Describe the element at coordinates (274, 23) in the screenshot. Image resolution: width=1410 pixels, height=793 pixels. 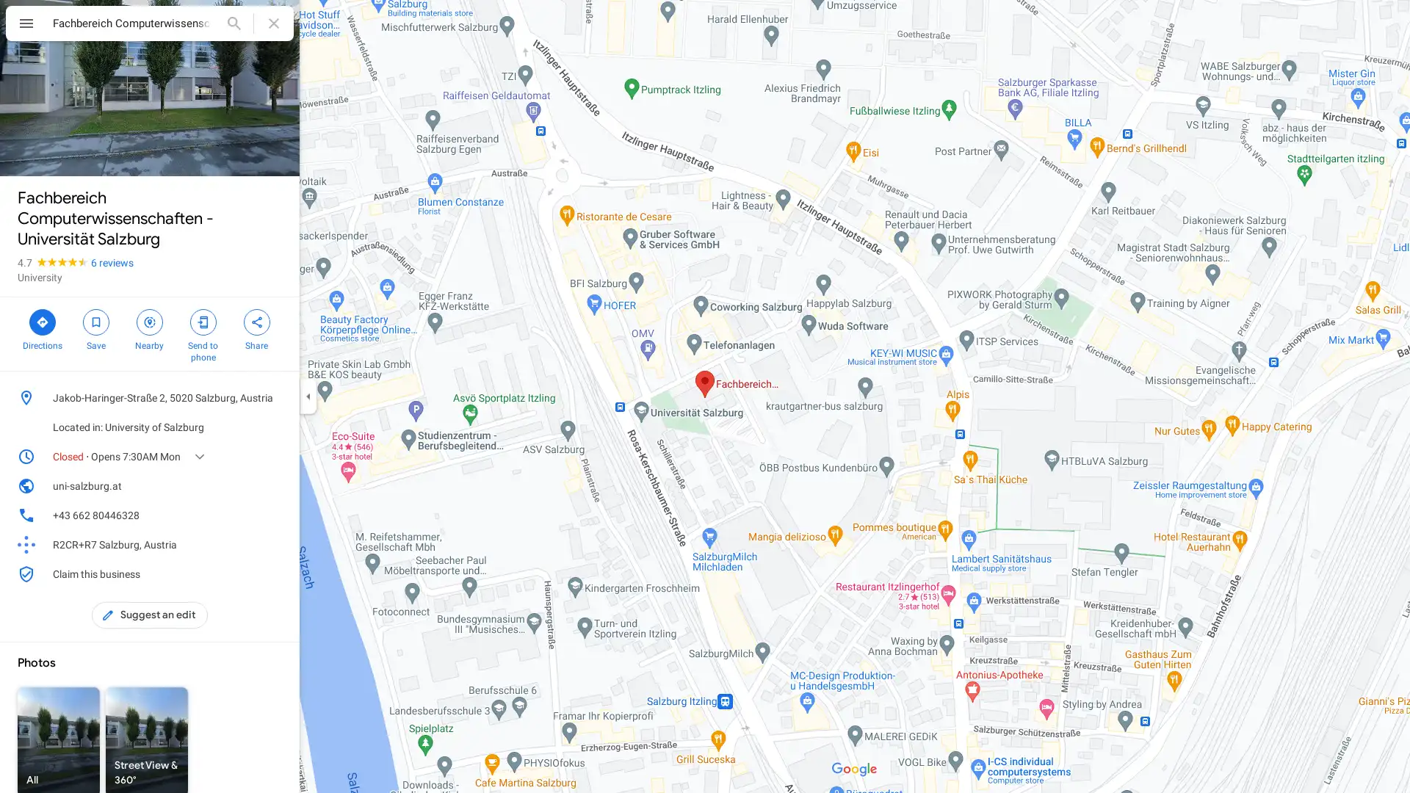
I see `Clear search` at that location.